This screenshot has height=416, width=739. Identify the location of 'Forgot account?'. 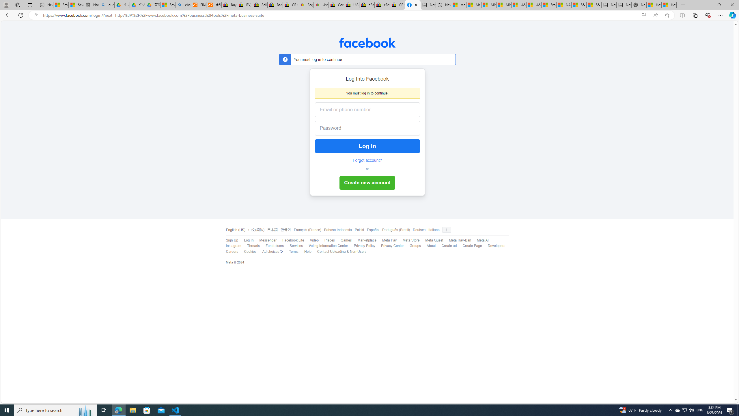
(367, 160).